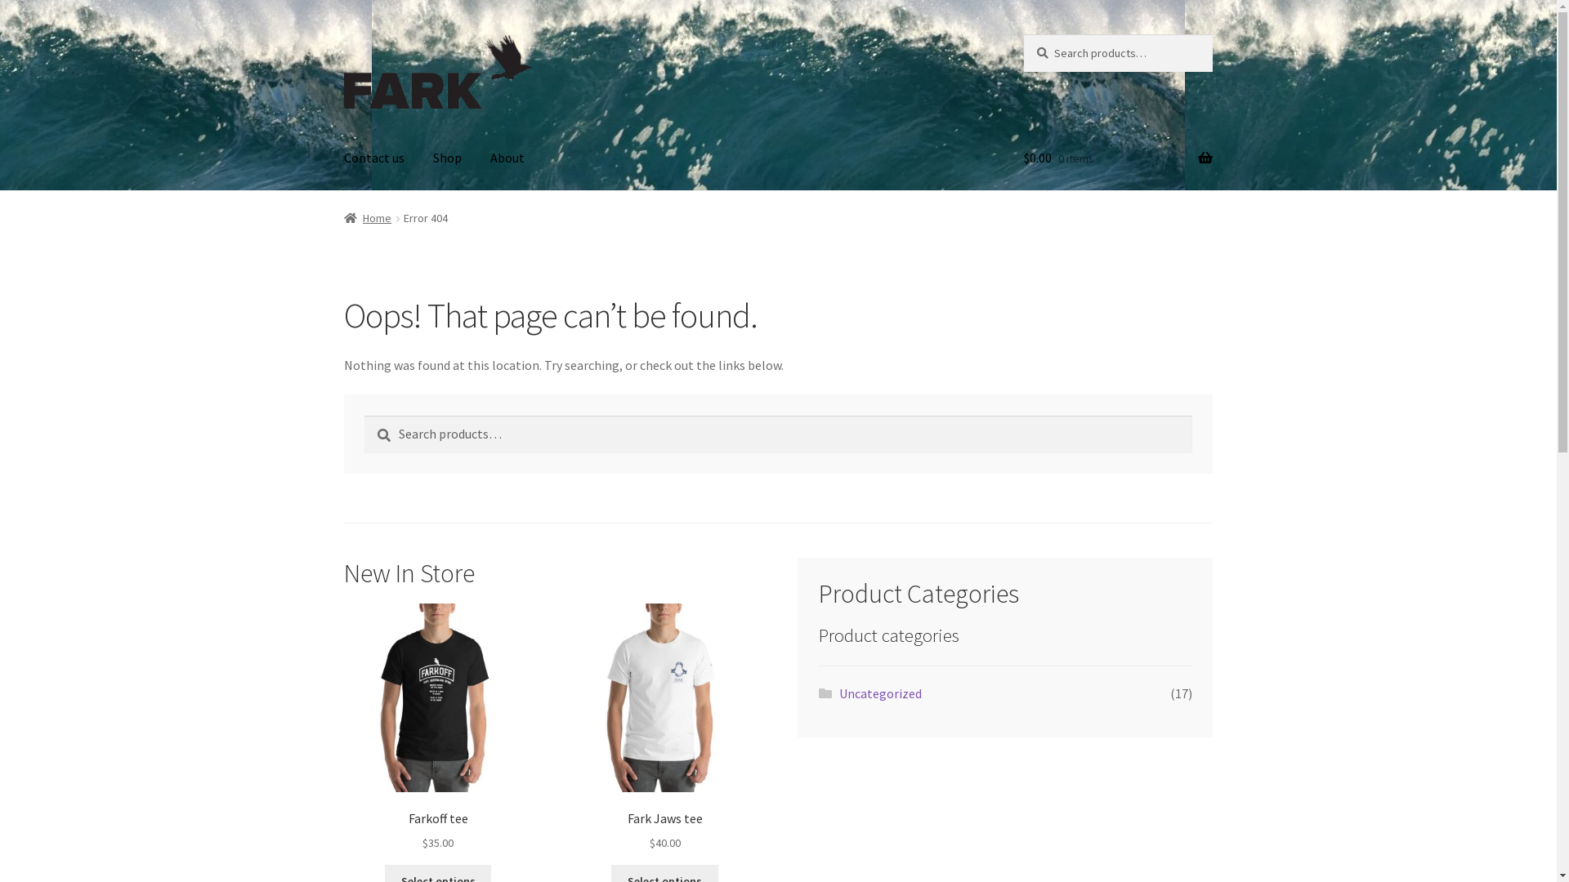 Image resolution: width=1569 pixels, height=882 pixels. Describe the element at coordinates (839, 693) in the screenshot. I see `'Uncategorized'` at that location.